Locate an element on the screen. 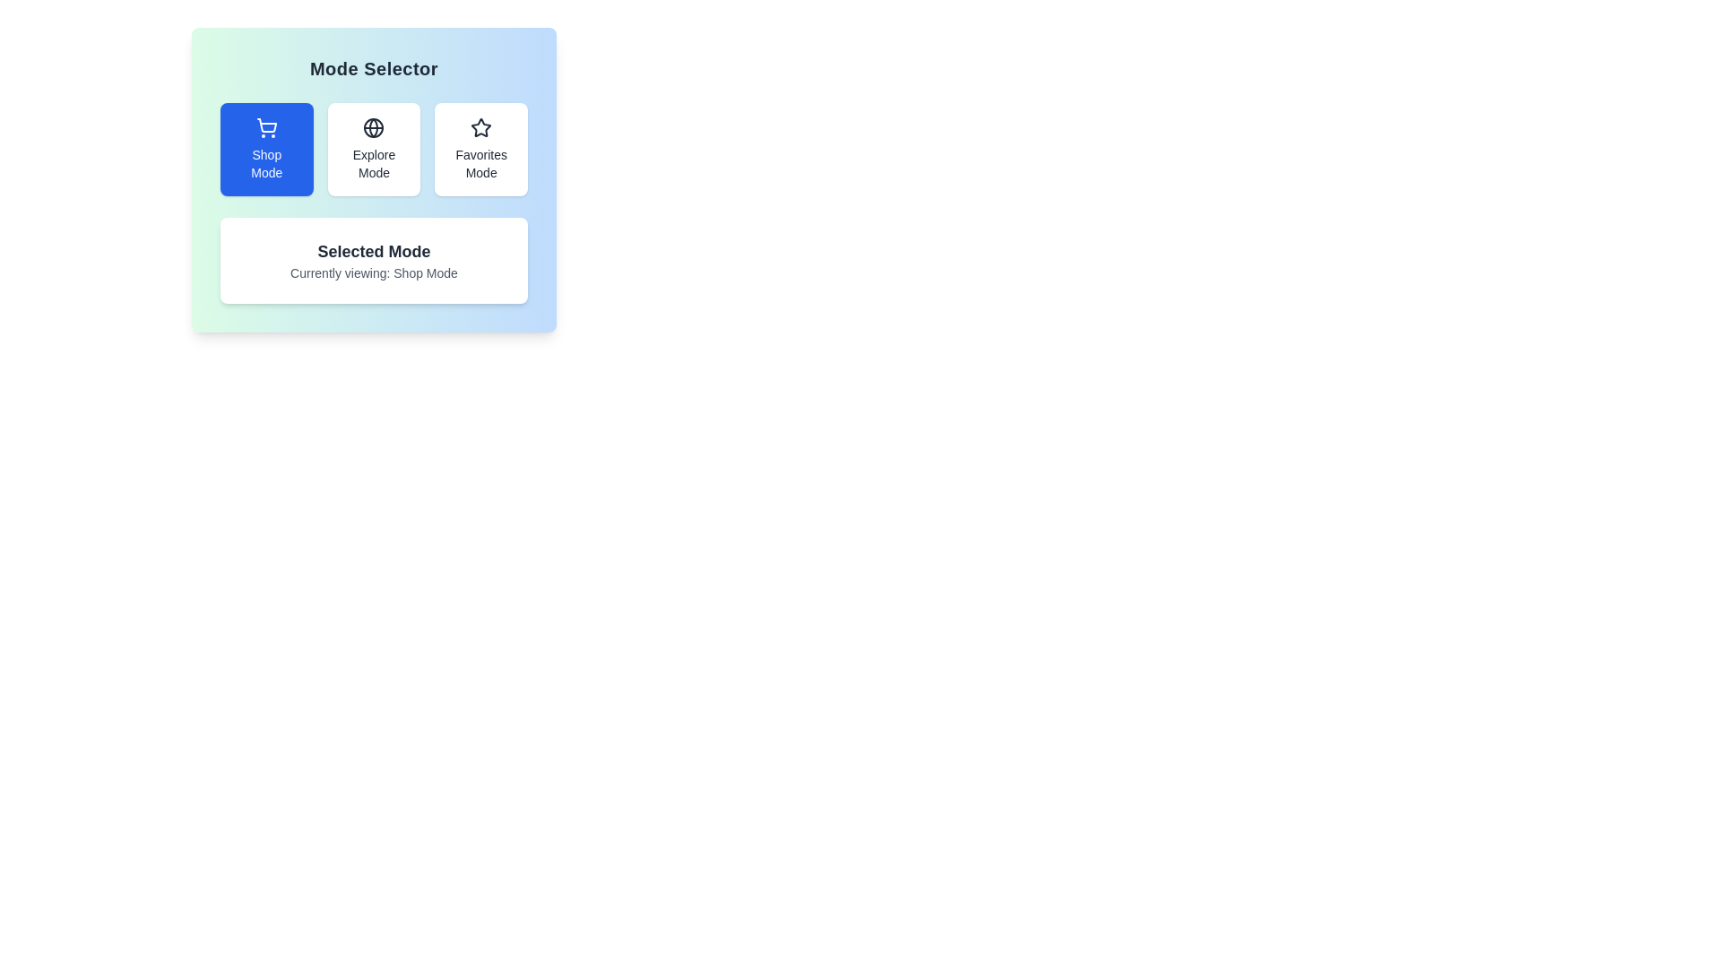 Image resolution: width=1721 pixels, height=968 pixels. the star icon representing 'Favorites' located in the 'Favorites Mode' button, which is the third button from the left under the 'Mode Selector' heading is located at coordinates (481, 126).